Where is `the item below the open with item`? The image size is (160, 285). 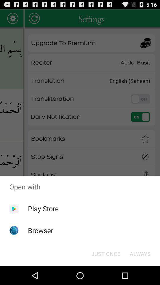 the item below the open with item is located at coordinates (140, 253).